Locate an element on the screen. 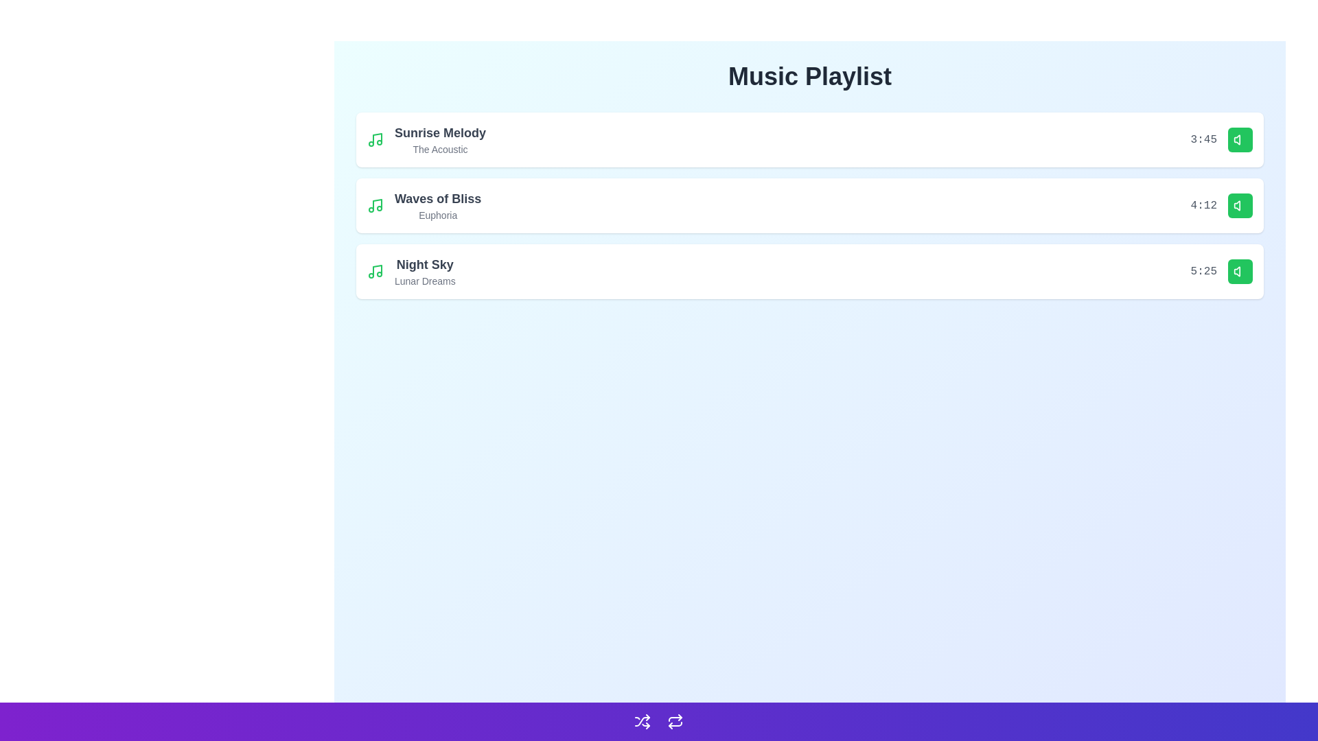 This screenshot has width=1318, height=741. the text of the first card in the vertical list of music items is located at coordinates (440, 140).